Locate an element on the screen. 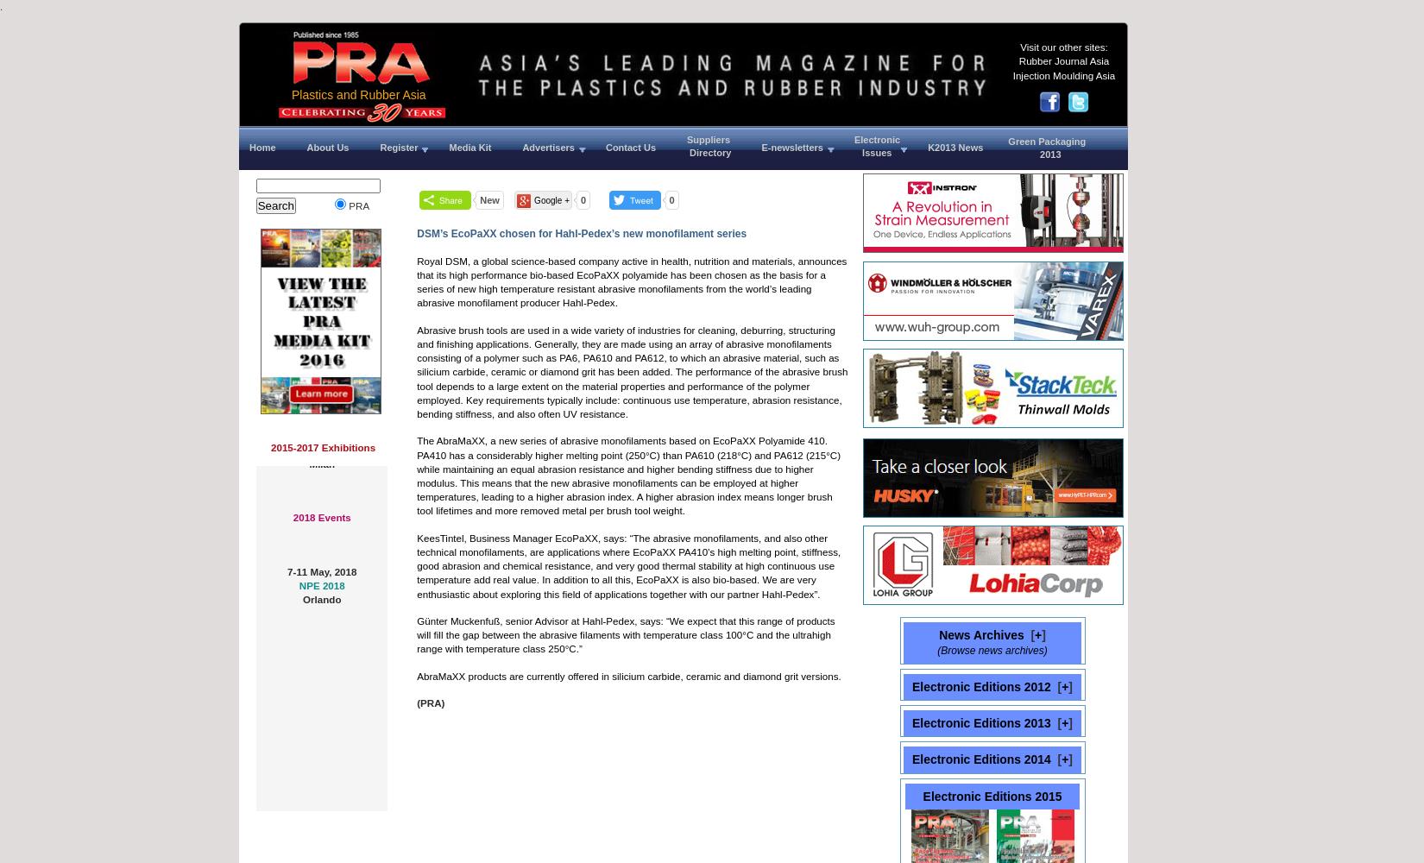  'Green Packaging' is located at coordinates (1047, 142).